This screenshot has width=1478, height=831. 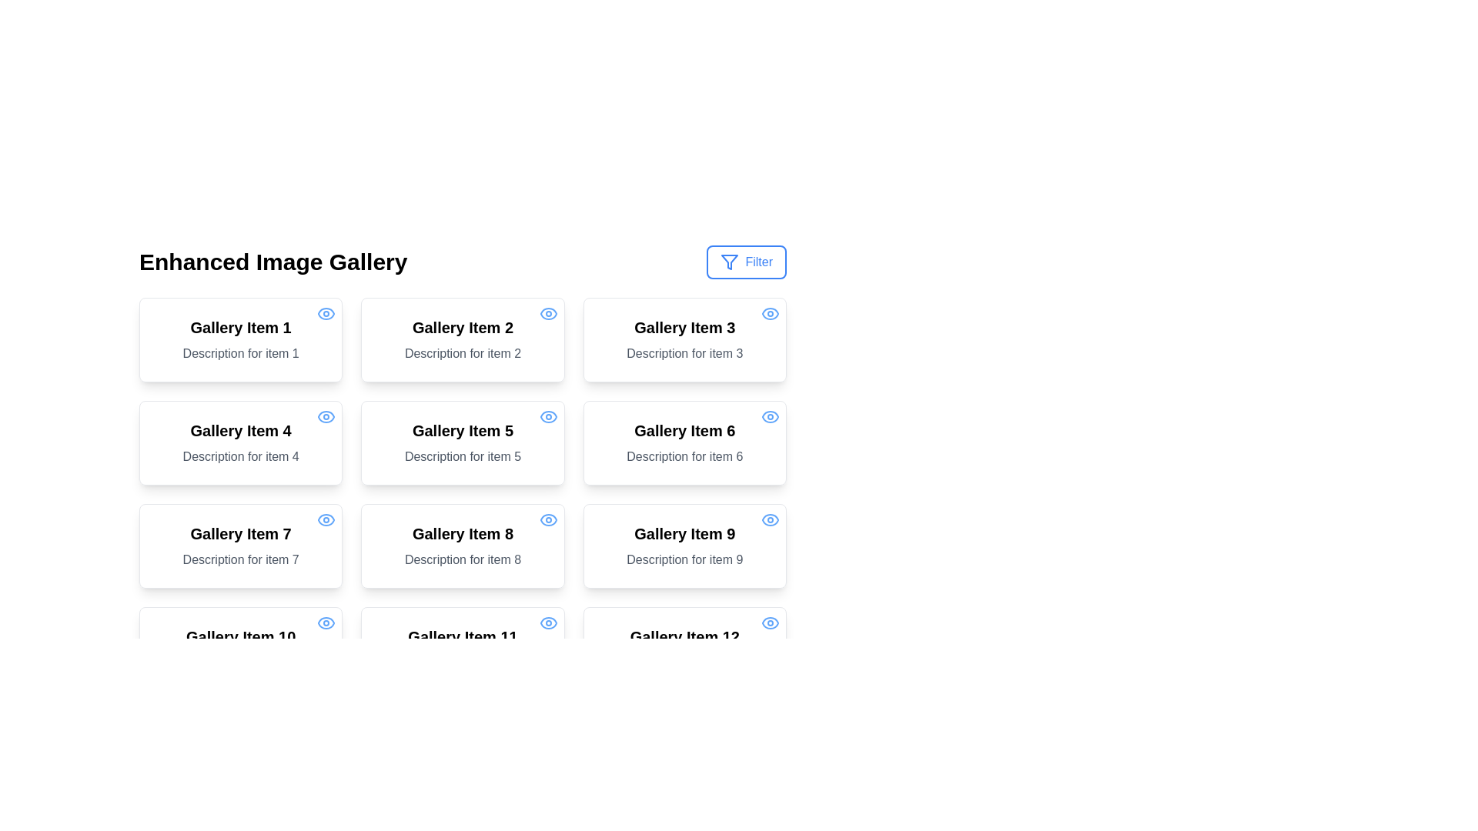 I want to click on the text label displaying 'Description for item 1', which is positioned below 'Gallery Item 1' in the first gallery item of the grid layout, so click(x=240, y=353).